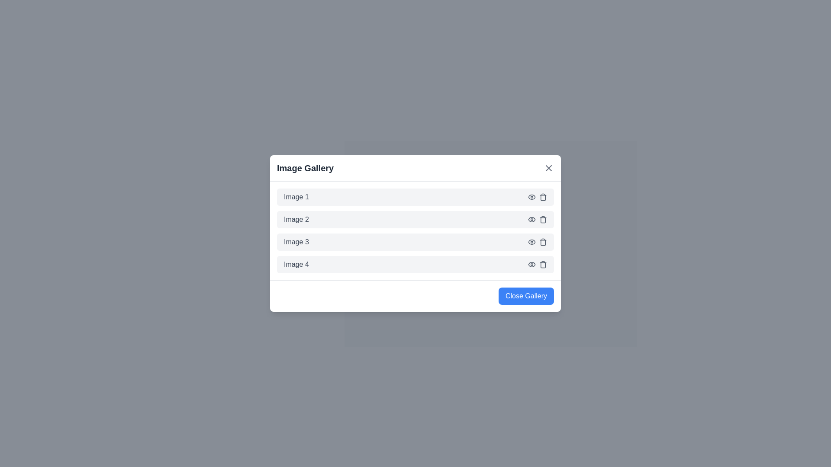  Describe the element at coordinates (548, 168) in the screenshot. I see `the close button located in the top-right corner of the 'Image Gallery' modal dialog` at that location.